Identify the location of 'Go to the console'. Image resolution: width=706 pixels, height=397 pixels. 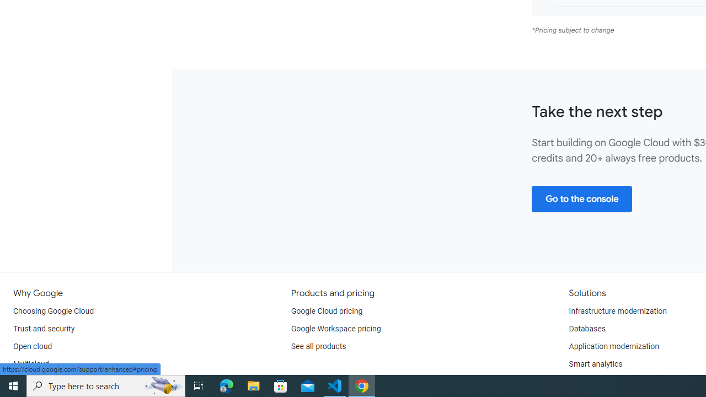
(581, 198).